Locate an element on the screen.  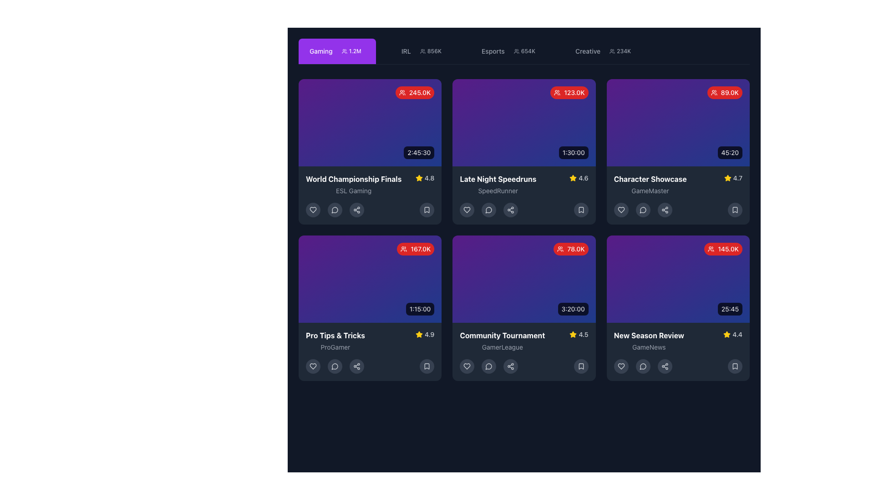
text content of the Text Label displaying 'ESL Gaming', located beneath the bold white text 'World Championship Finals' is located at coordinates (353, 190).